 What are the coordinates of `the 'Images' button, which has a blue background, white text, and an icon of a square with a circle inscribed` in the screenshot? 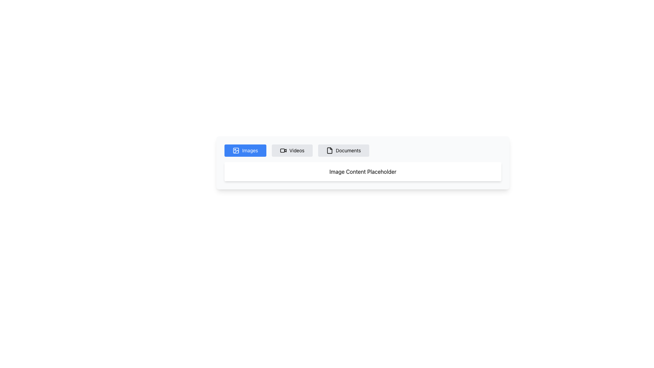 It's located at (245, 150).